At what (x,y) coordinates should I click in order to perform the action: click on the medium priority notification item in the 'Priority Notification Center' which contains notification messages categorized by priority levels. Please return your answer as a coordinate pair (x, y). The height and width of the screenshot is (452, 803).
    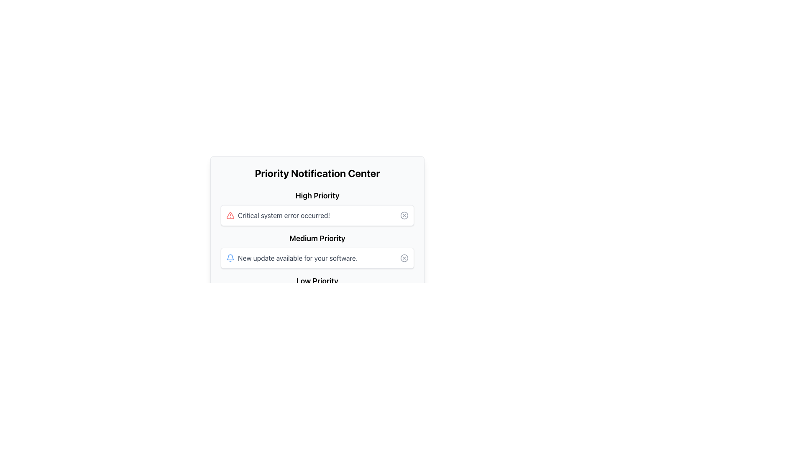
    Looking at the image, I should click on (317, 250).